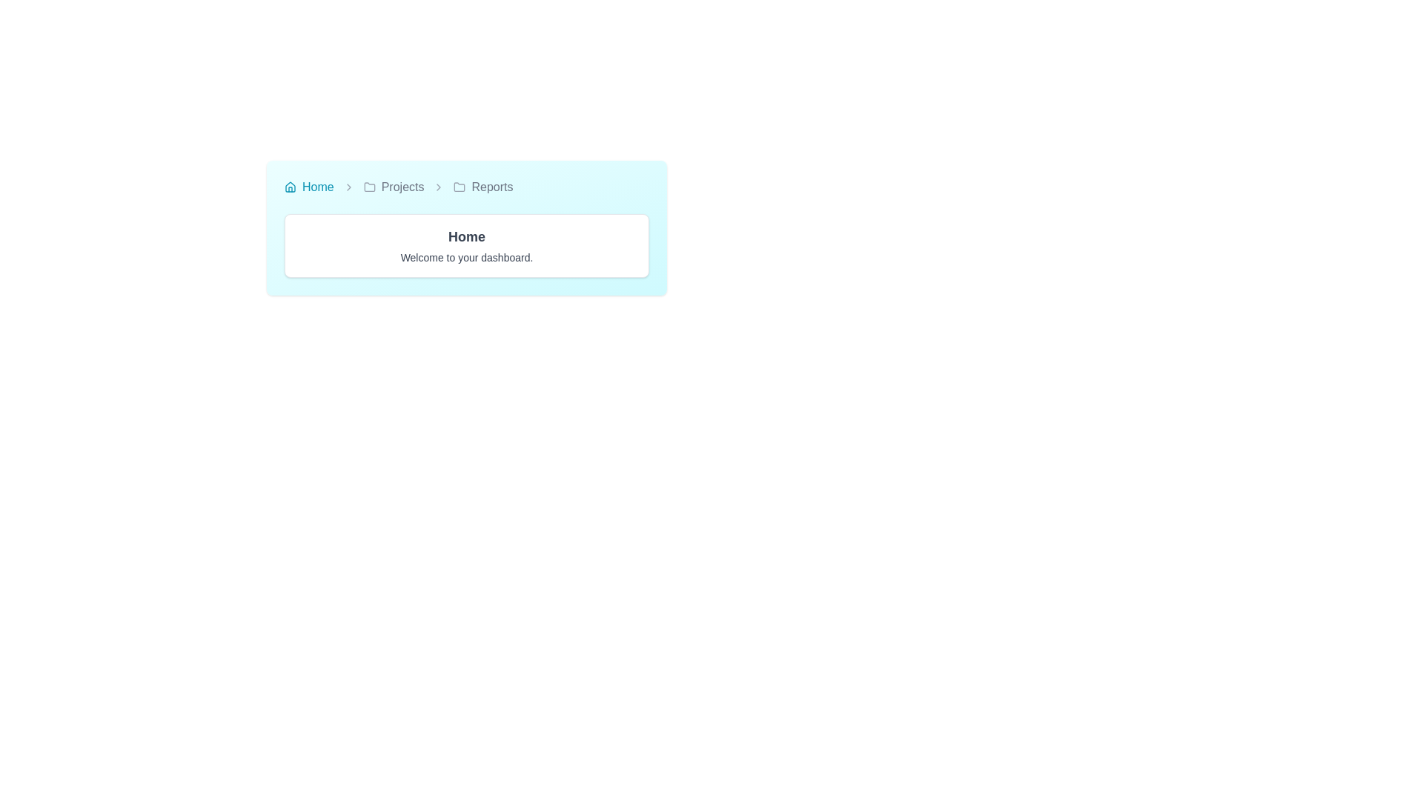 Image resolution: width=1423 pixels, height=800 pixels. Describe the element at coordinates (465, 236) in the screenshot. I see `the primary header Text label, which is centered in a bordered and shadowed rectangle on a light blue background` at that location.